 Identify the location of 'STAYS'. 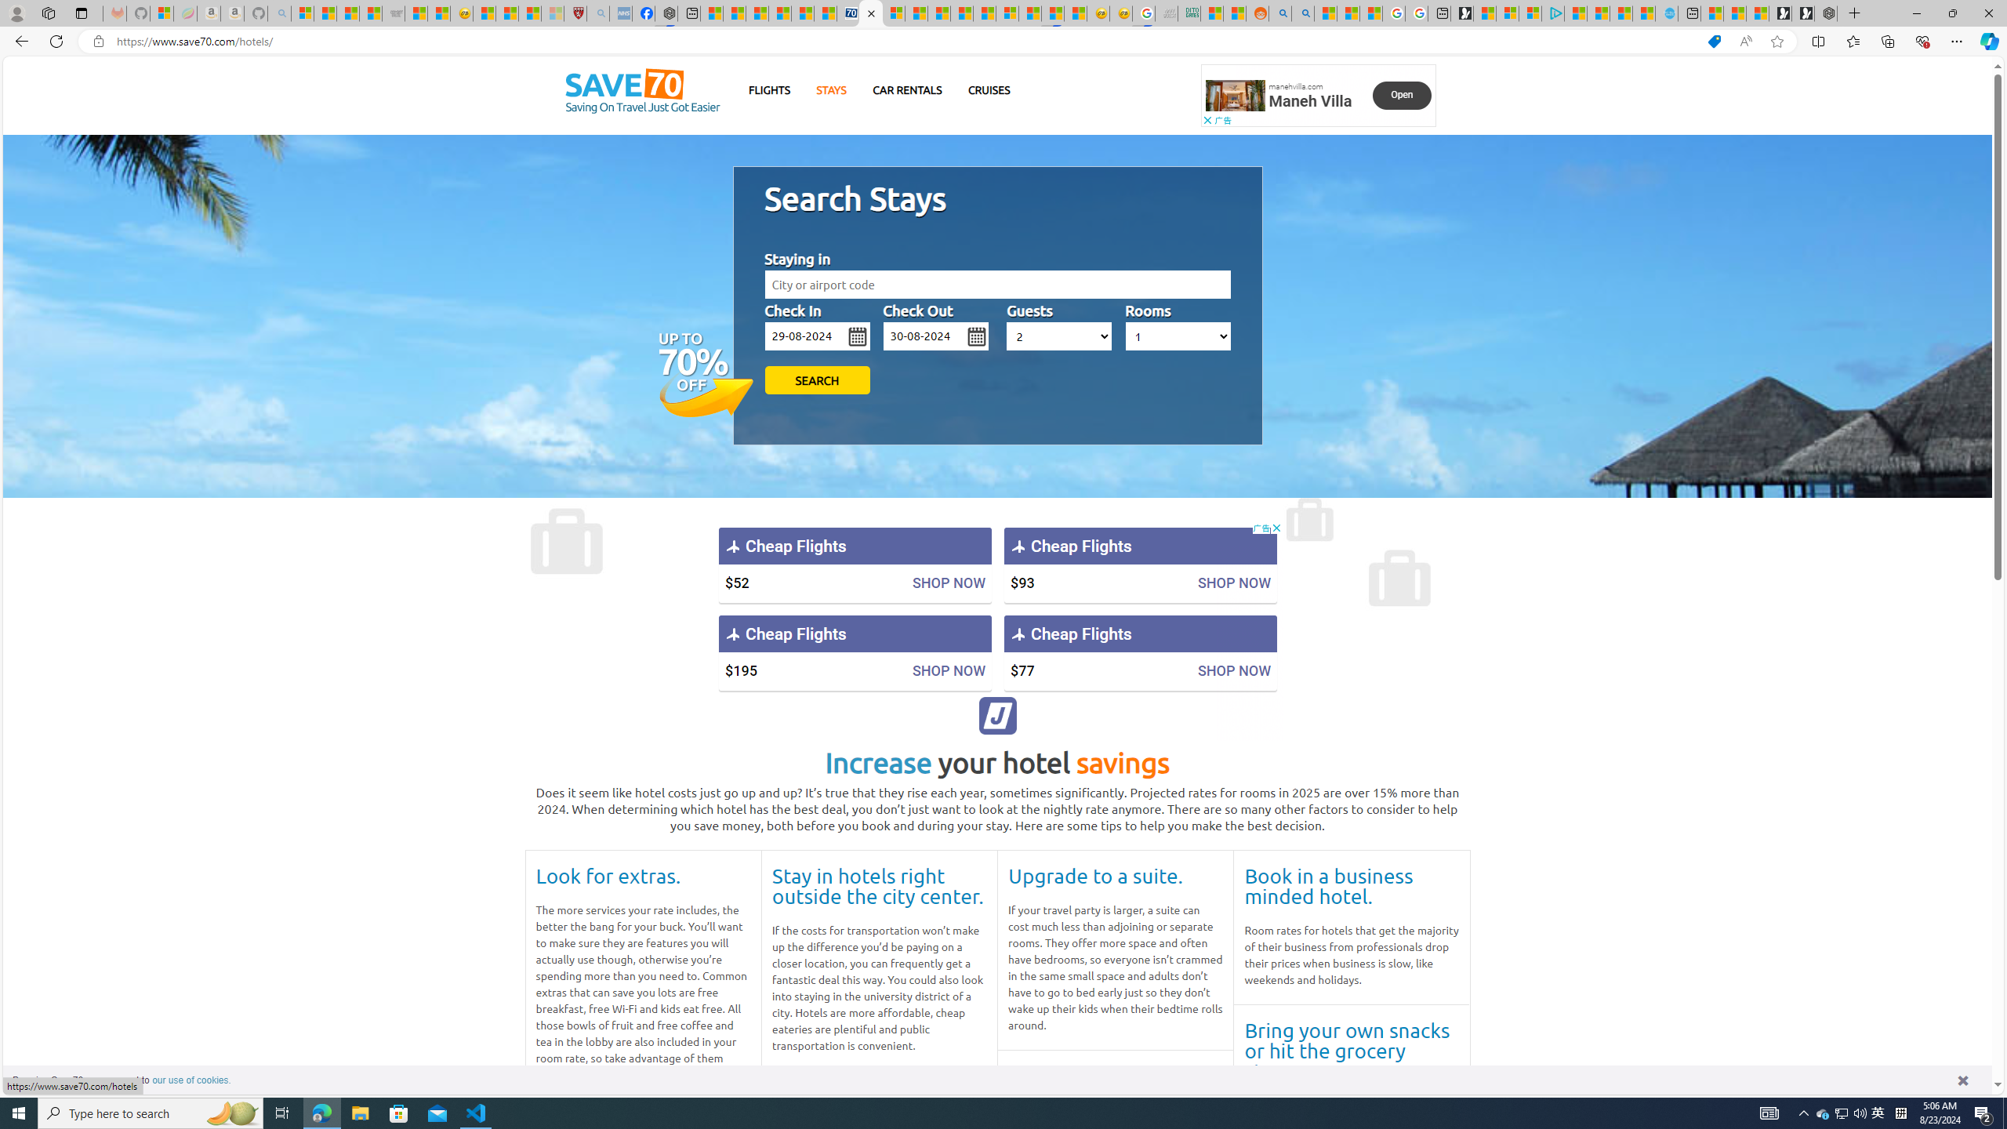
(831, 89).